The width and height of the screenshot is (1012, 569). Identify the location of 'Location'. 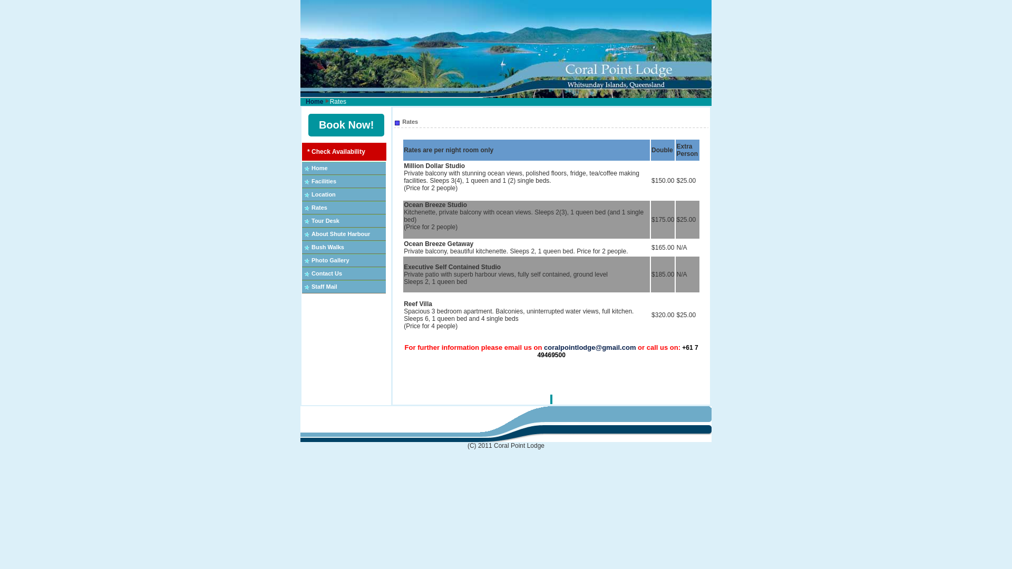
(323, 194).